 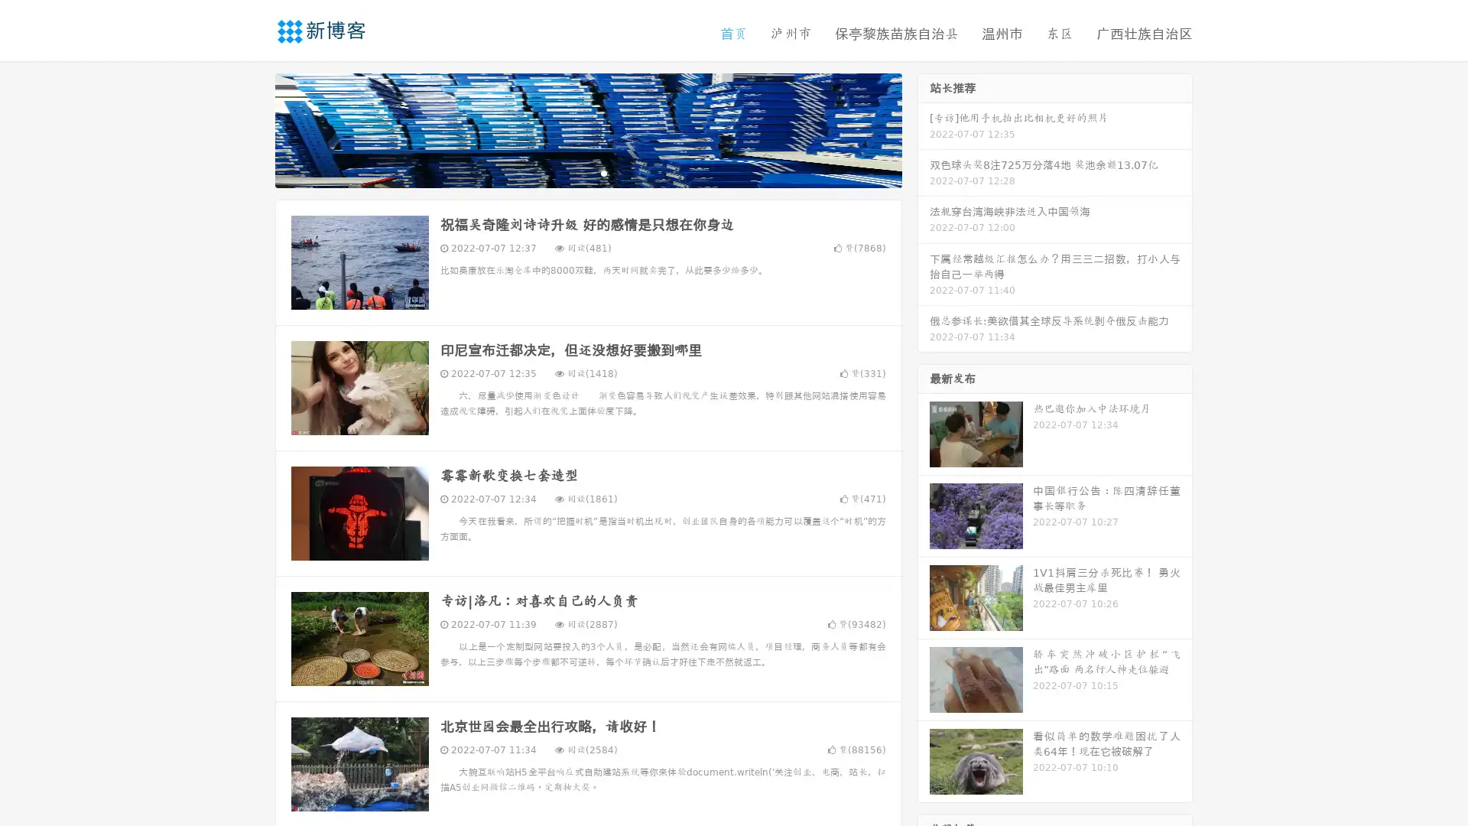 I want to click on Go to slide 3, so click(x=603, y=172).